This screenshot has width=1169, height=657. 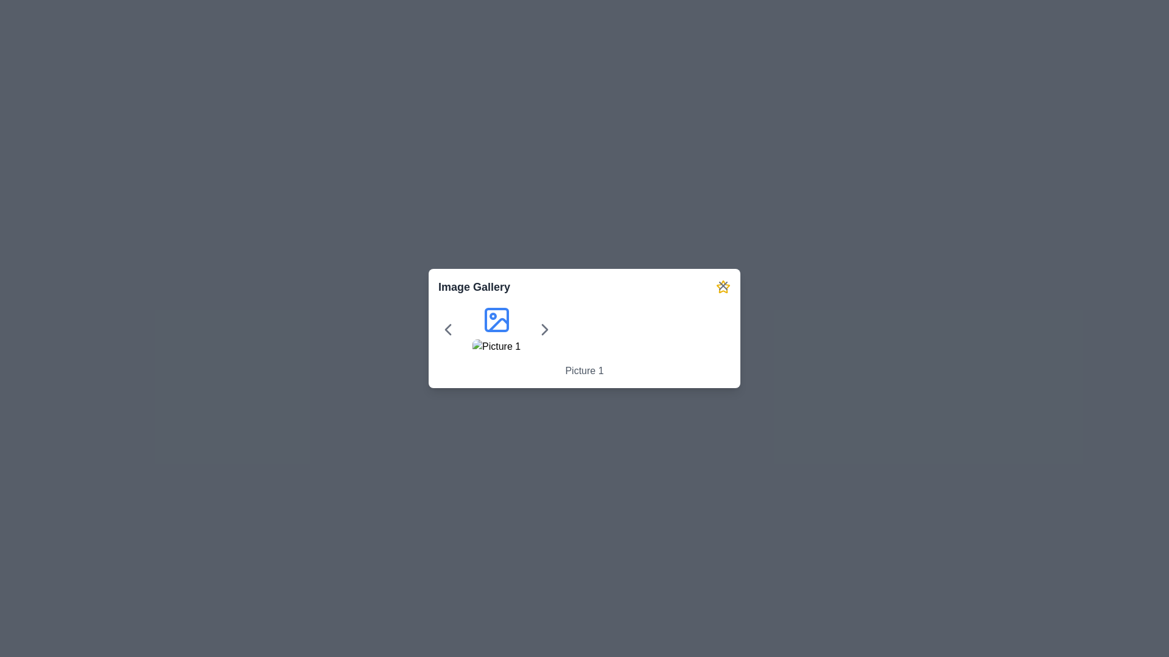 What do you see at coordinates (584, 287) in the screenshot?
I see `the 'Image Gallery' header` at bounding box center [584, 287].